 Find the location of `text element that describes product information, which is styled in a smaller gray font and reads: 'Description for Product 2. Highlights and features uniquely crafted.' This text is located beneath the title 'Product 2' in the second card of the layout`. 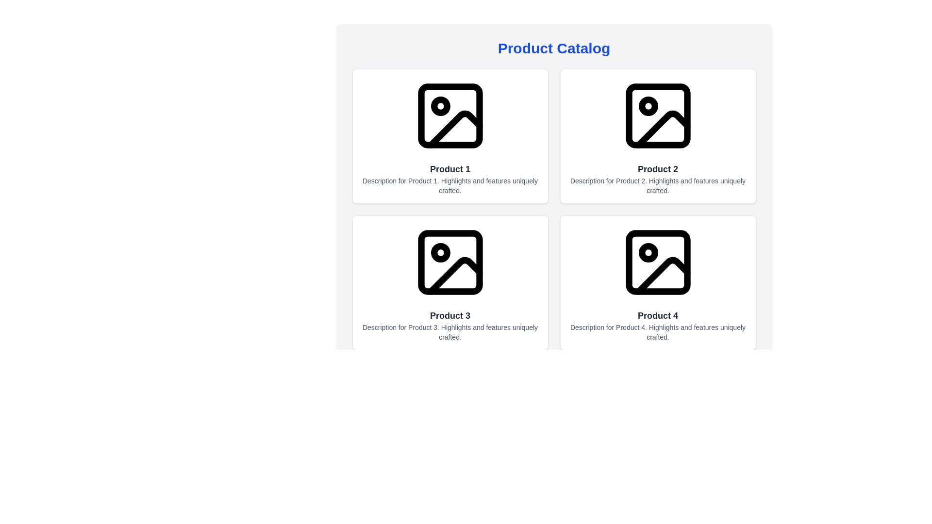

text element that describes product information, which is styled in a smaller gray font and reads: 'Description for Product 2. Highlights and features uniquely crafted.' This text is located beneath the title 'Product 2' in the second card of the layout is located at coordinates (658, 185).